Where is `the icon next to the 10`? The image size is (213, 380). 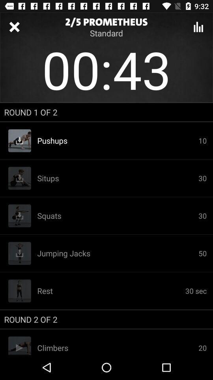
the icon next to the 10 is located at coordinates (117, 178).